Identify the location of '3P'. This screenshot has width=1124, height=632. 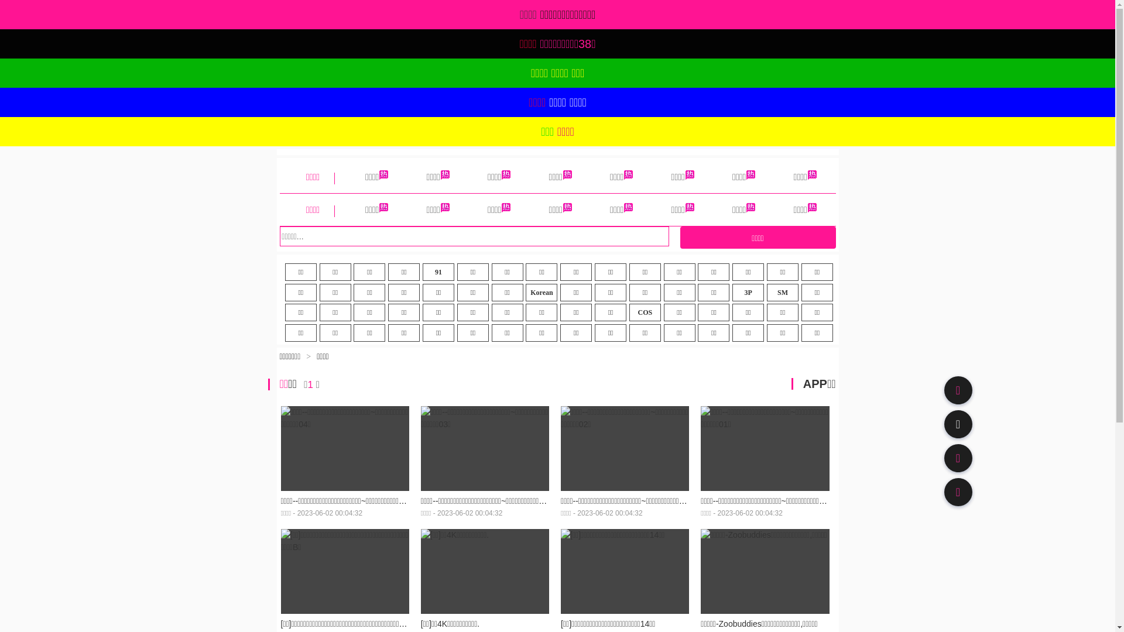
(747, 292).